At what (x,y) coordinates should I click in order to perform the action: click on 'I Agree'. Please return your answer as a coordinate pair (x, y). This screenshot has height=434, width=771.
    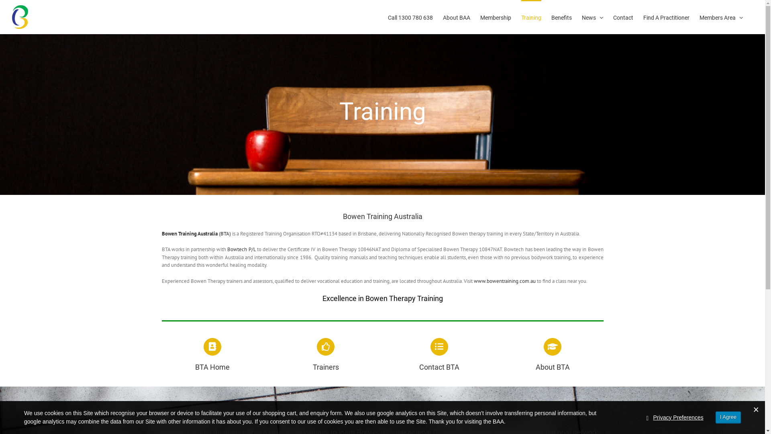
    Looking at the image, I should click on (728, 417).